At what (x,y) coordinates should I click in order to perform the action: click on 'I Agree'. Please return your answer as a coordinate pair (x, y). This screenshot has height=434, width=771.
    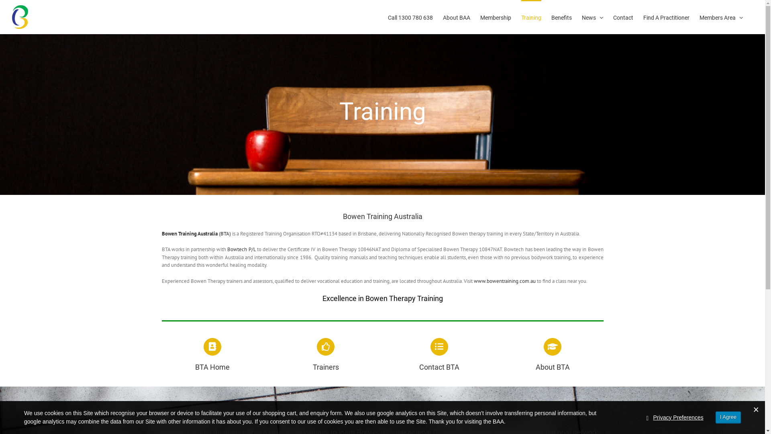
    Looking at the image, I should click on (728, 417).